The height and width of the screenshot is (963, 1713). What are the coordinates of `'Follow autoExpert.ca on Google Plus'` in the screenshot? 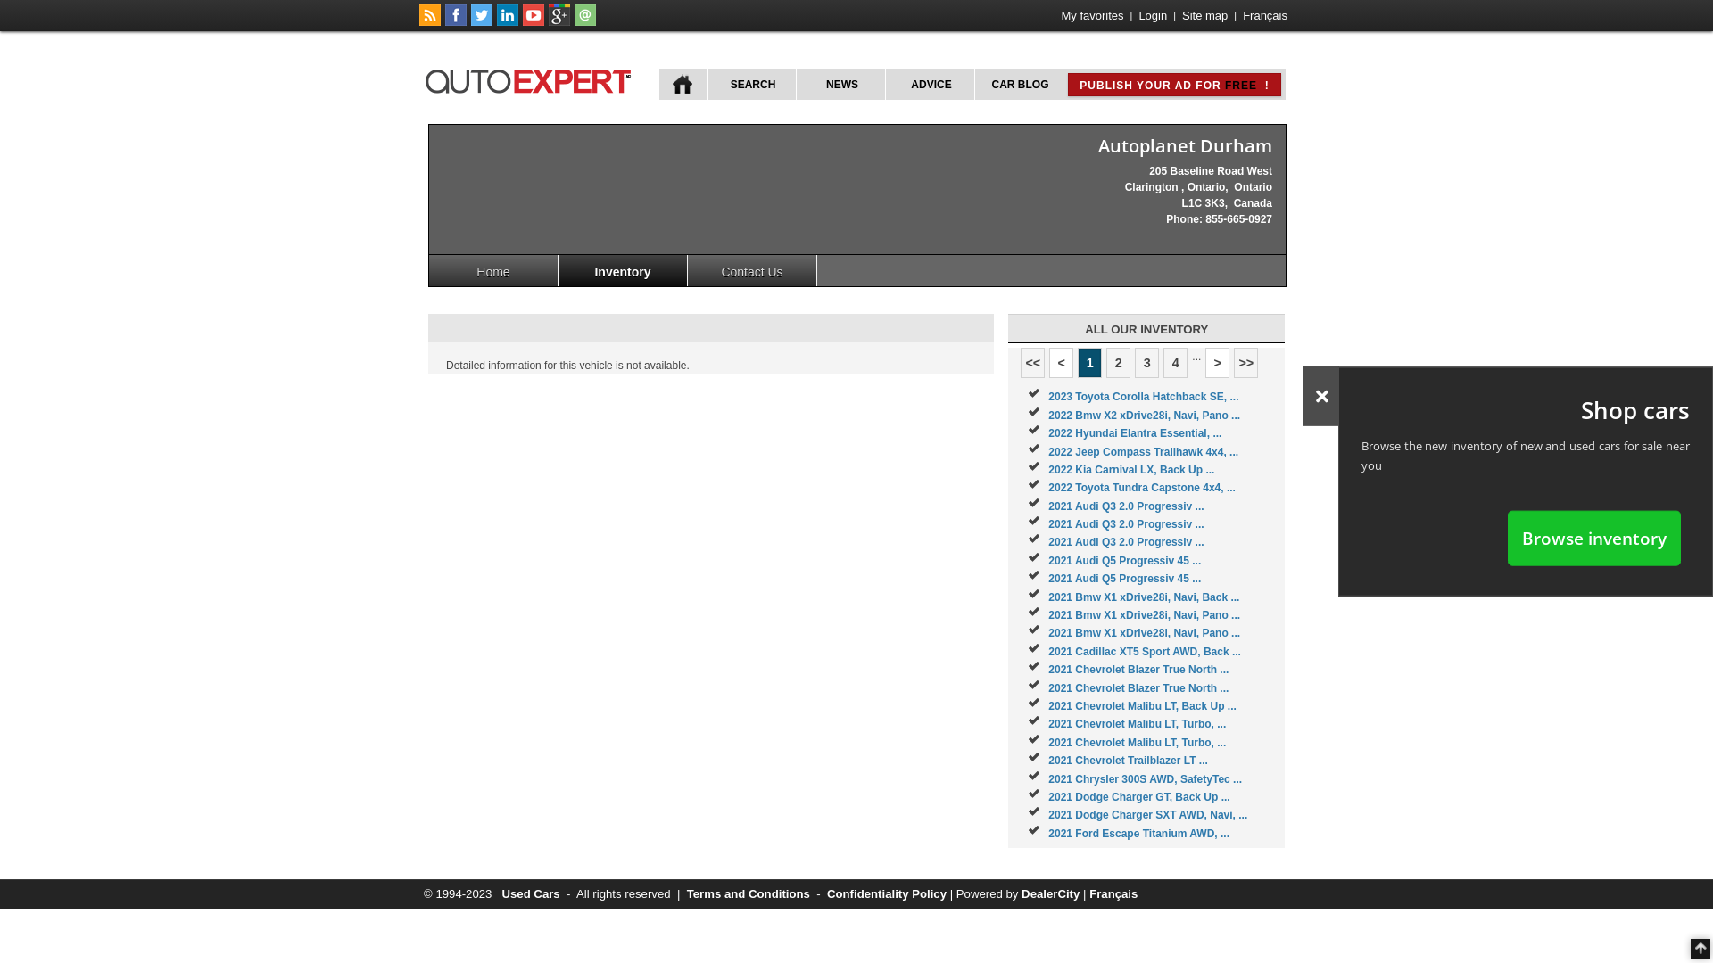 It's located at (547, 21).